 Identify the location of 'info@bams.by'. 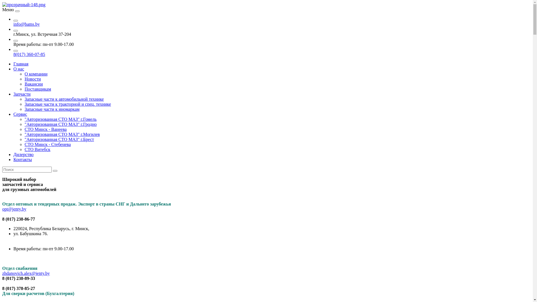
(26, 24).